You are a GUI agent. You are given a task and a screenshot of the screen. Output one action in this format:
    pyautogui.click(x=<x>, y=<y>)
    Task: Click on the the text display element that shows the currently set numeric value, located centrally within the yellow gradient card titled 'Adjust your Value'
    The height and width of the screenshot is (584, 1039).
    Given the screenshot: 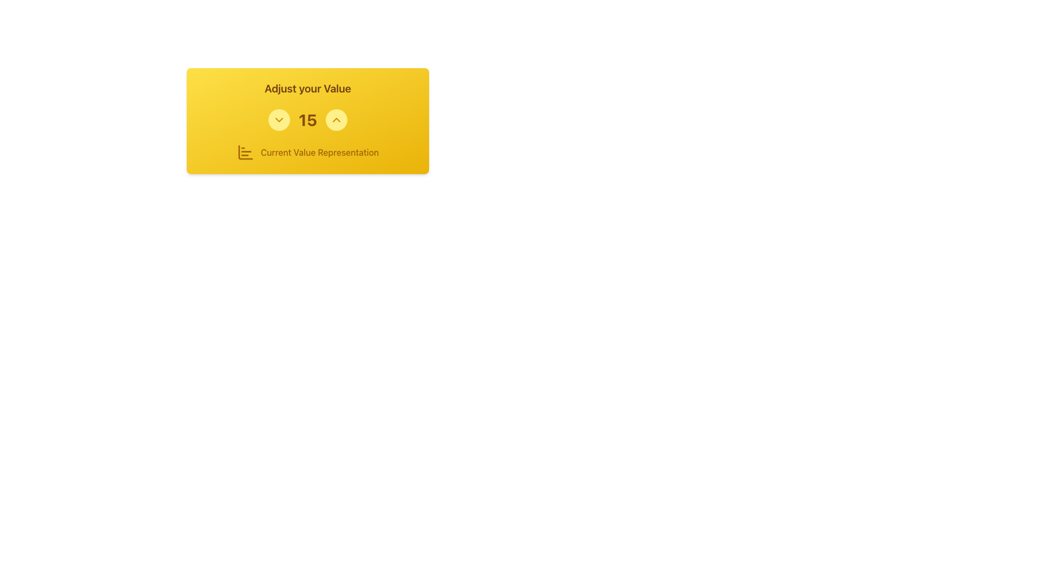 What is the action you would take?
    pyautogui.click(x=307, y=120)
    